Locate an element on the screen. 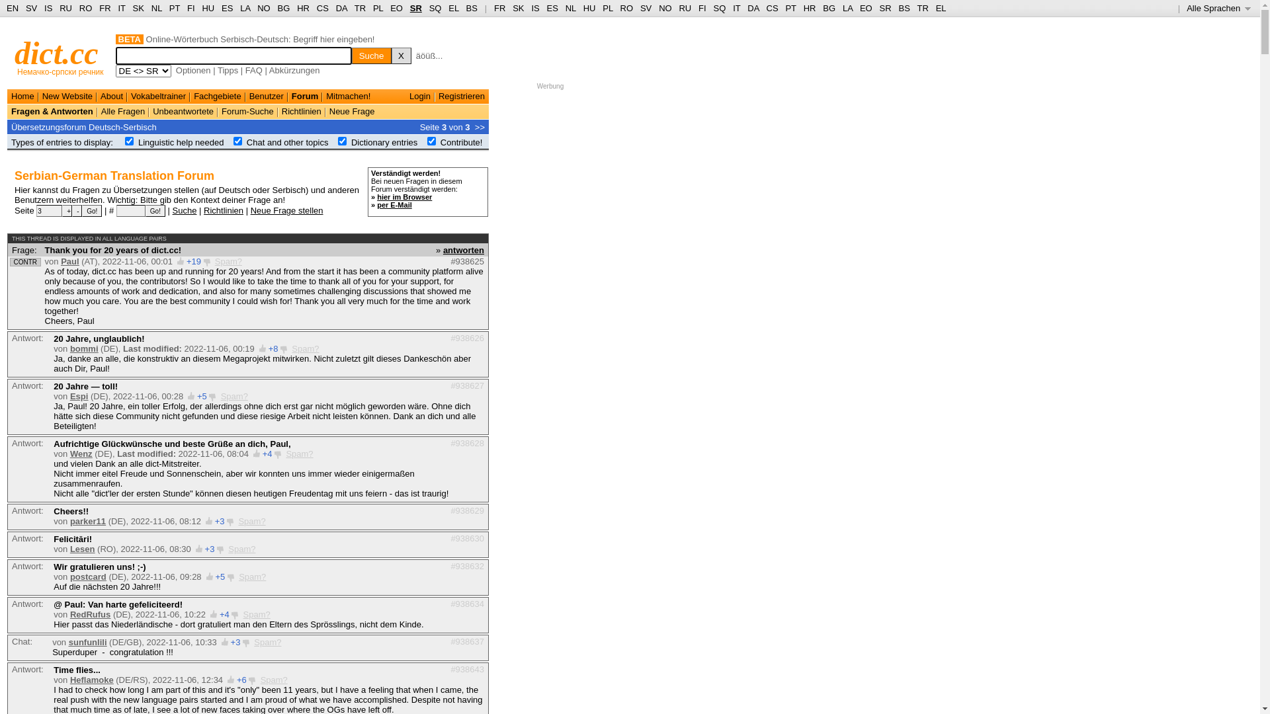 Image resolution: width=1270 pixels, height=714 pixels. '#938627' is located at coordinates (467, 385).